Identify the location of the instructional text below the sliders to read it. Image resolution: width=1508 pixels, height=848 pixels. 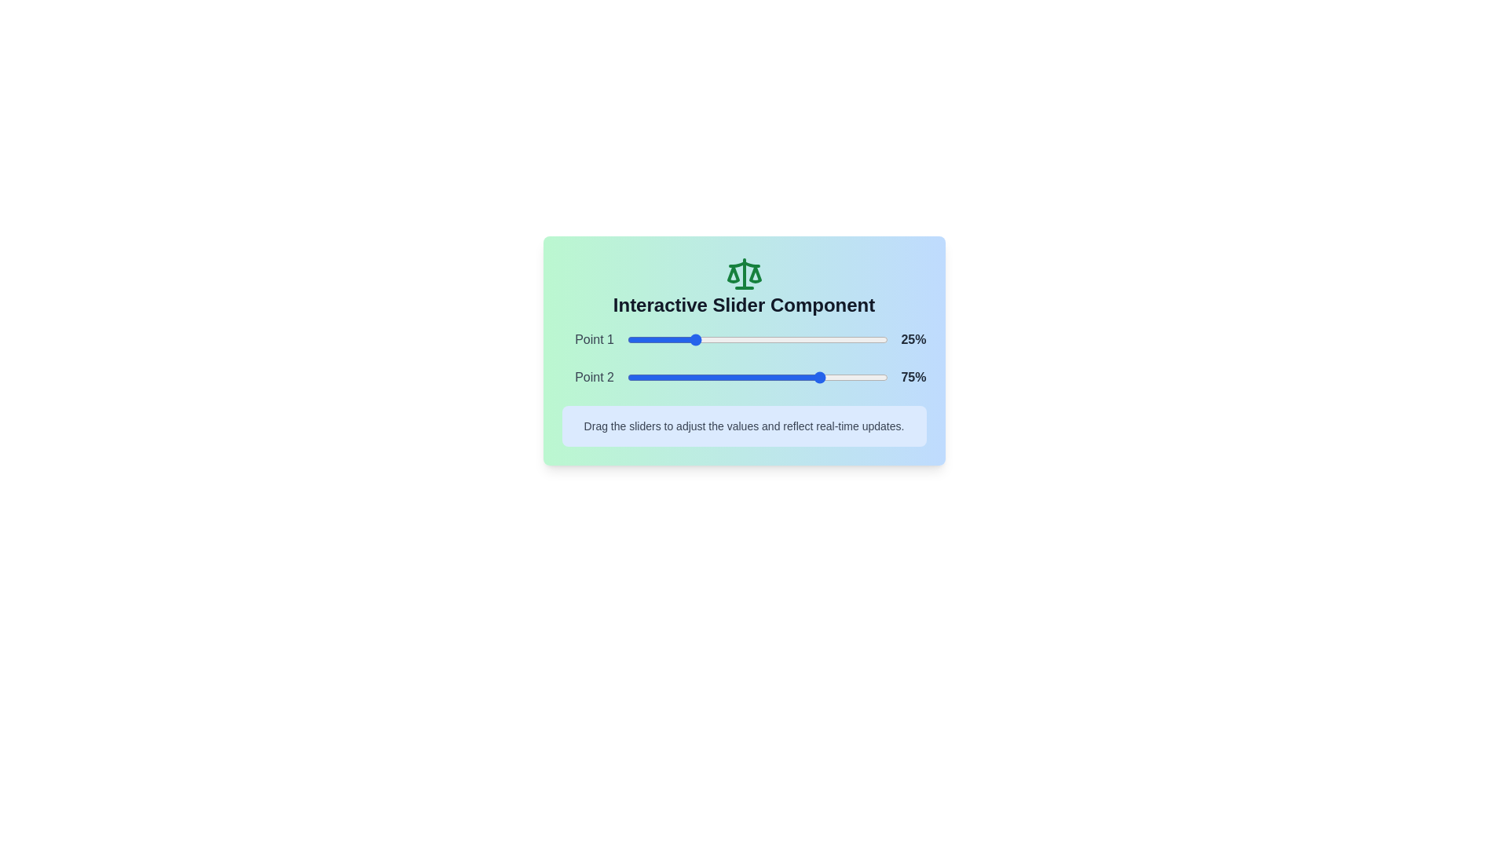
(743, 426).